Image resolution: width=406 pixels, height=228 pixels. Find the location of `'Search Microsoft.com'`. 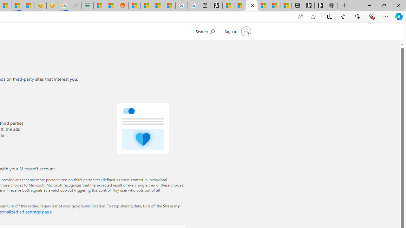

'Search Microsoft.com' is located at coordinates (205, 31).